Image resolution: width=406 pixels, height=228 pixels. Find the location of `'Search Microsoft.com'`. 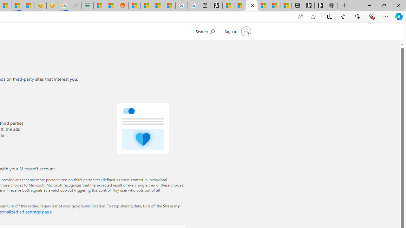

'Search Microsoft.com' is located at coordinates (205, 31).